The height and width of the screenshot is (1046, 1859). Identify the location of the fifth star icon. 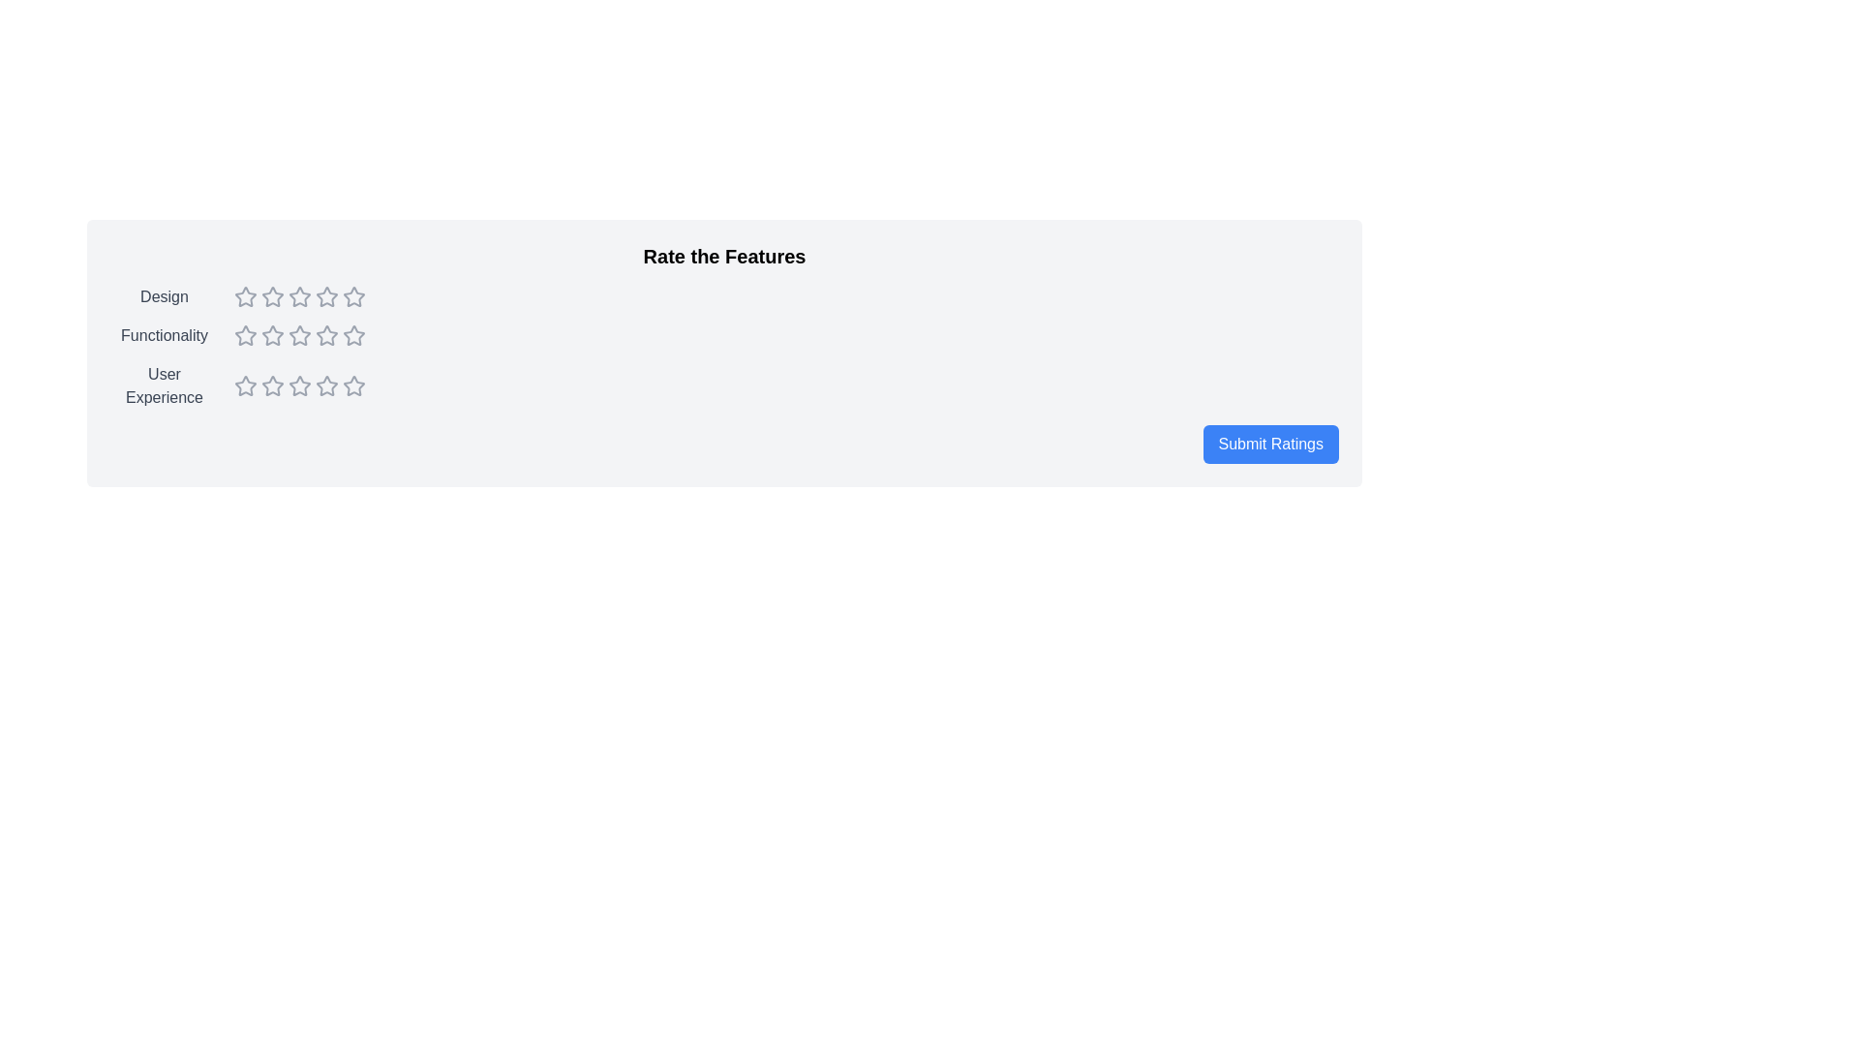
(353, 385).